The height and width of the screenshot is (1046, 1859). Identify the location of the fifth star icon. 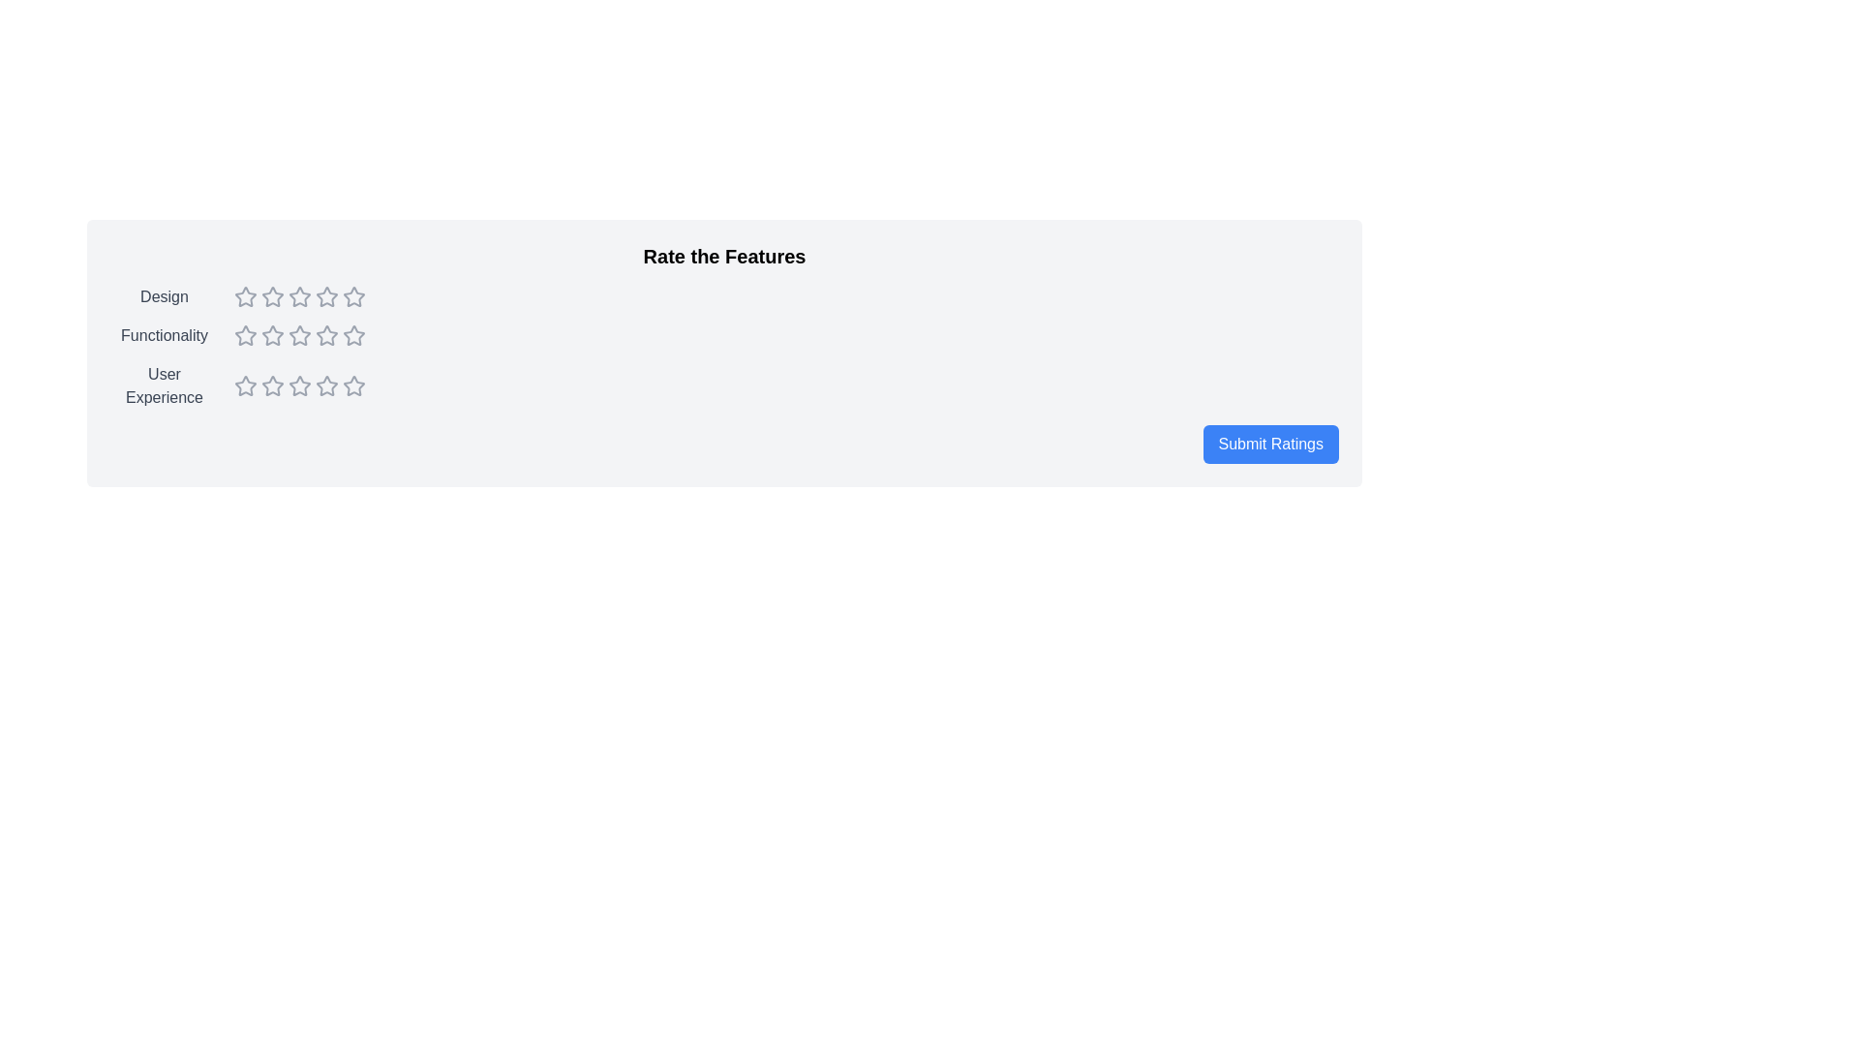
(353, 385).